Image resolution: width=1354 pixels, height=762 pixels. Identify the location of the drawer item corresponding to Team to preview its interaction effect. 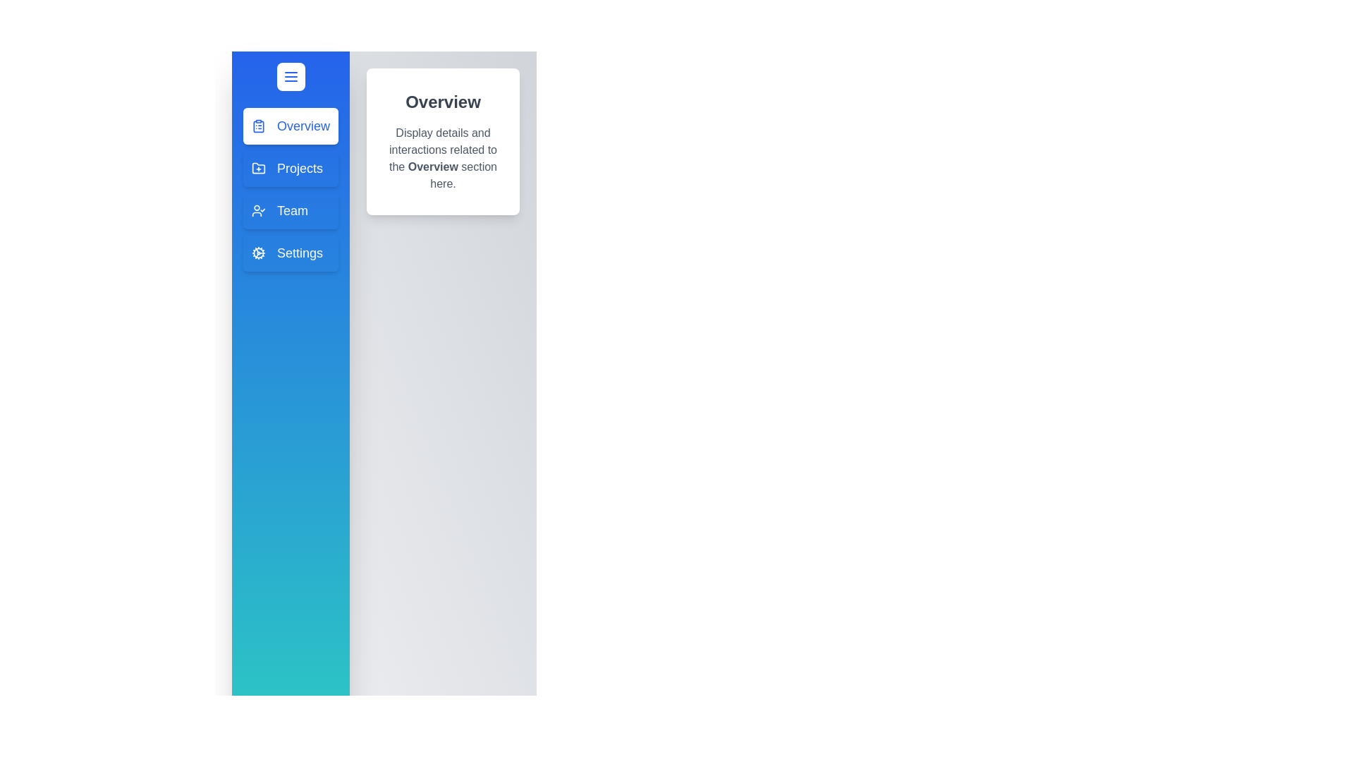
(290, 211).